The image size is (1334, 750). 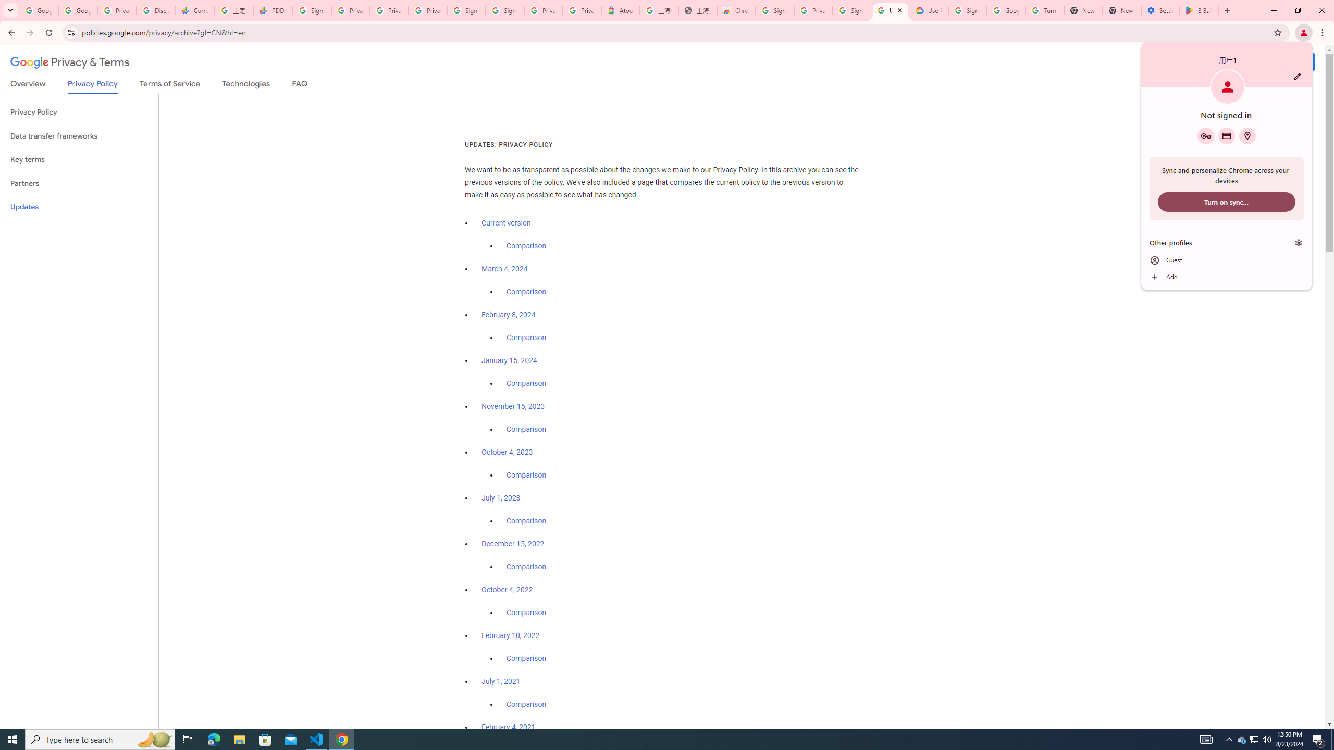 What do you see at coordinates (70, 62) in the screenshot?
I see `'Privacy & Terms'` at bounding box center [70, 62].